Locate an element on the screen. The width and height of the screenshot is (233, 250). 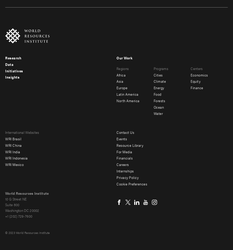
'WRI China' is located at coordinates (13, 145).